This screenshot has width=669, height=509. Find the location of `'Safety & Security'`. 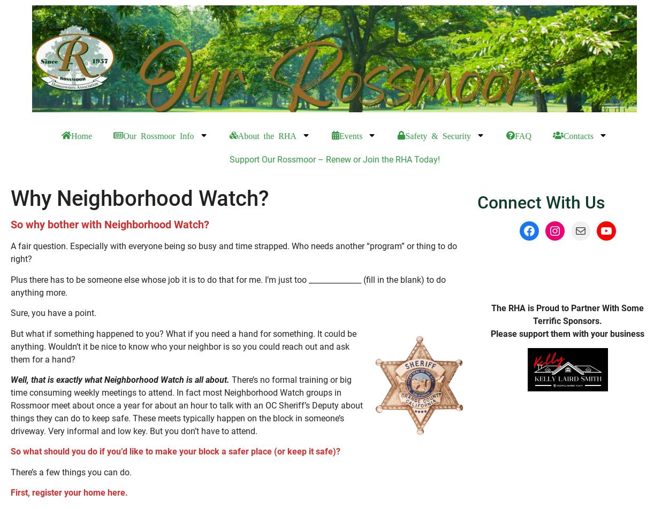

'Safety & Security' is located at coordinates (405, 135).